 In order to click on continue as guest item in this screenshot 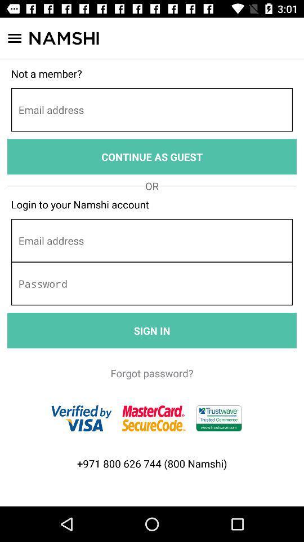, I will do `click(152, 156)`.